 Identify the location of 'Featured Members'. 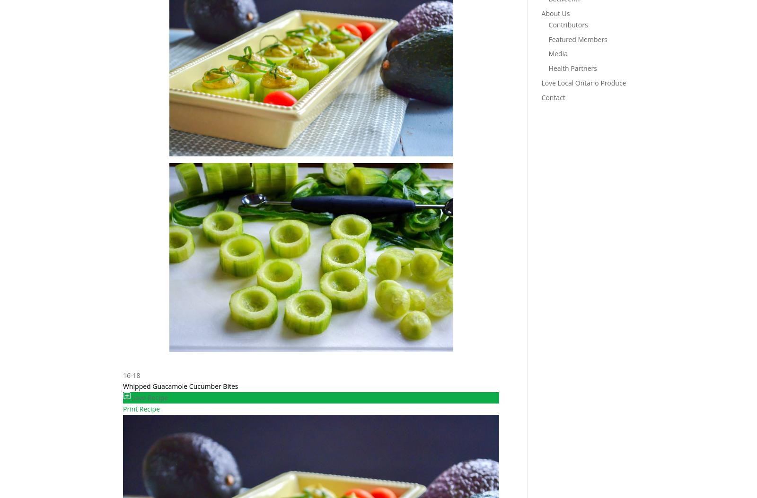
(577, 38).